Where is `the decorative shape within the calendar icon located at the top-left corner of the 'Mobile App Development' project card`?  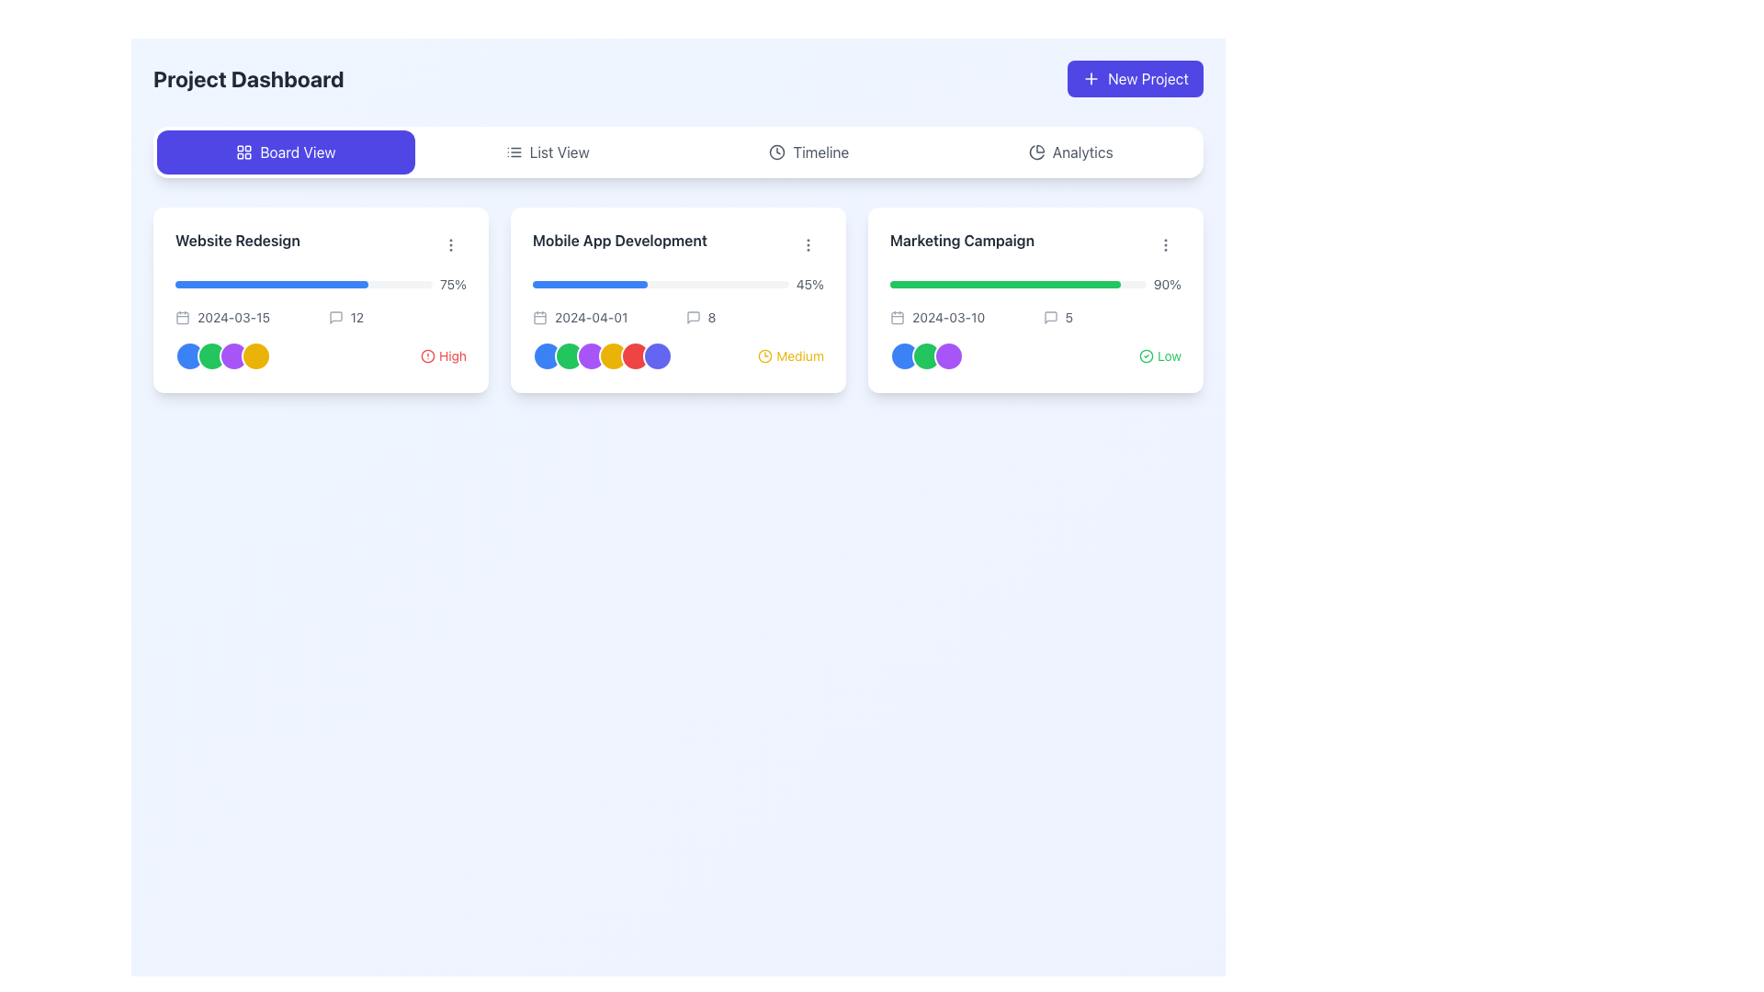 the decorative shape within the calendar icon located at the top-left corner of the 'Mobile App Development' project card is located at coordinates (539, 317).